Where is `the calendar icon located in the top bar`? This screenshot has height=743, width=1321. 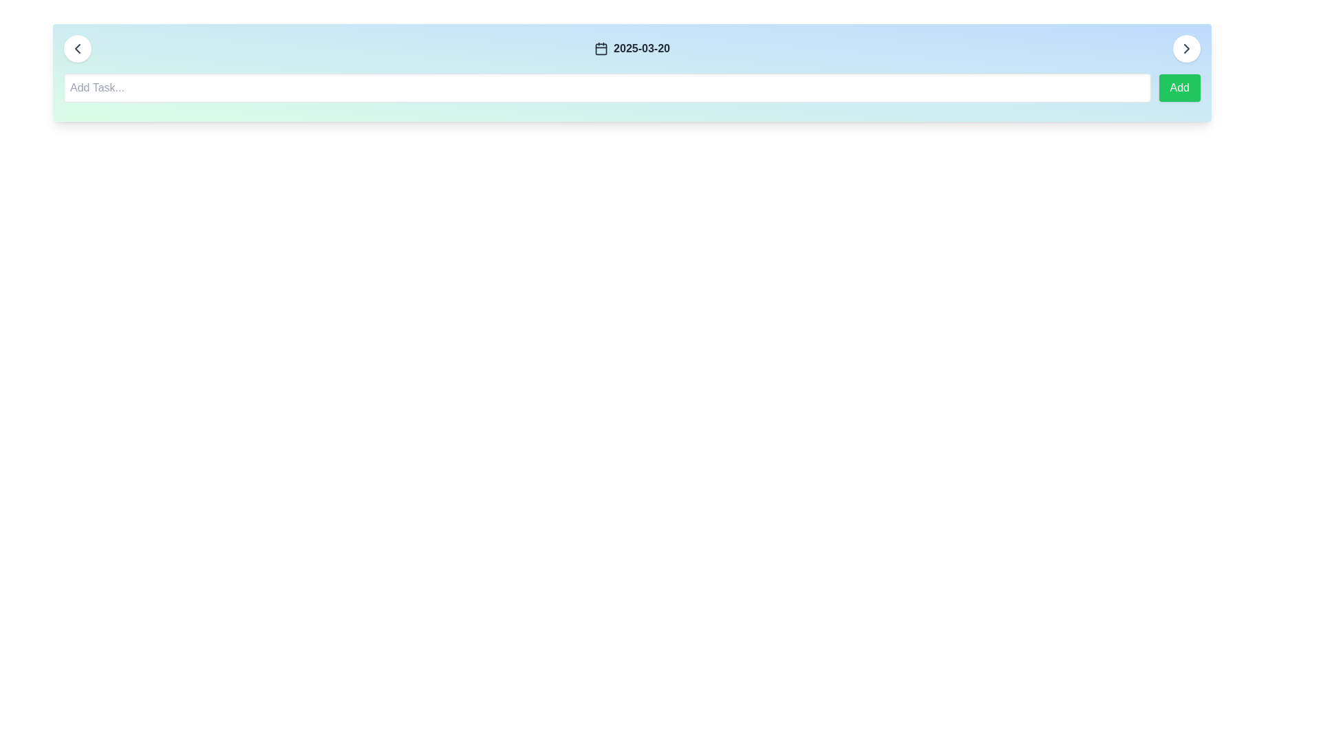 the calendar icon located in the top bar is located at coordinates (601, 47).